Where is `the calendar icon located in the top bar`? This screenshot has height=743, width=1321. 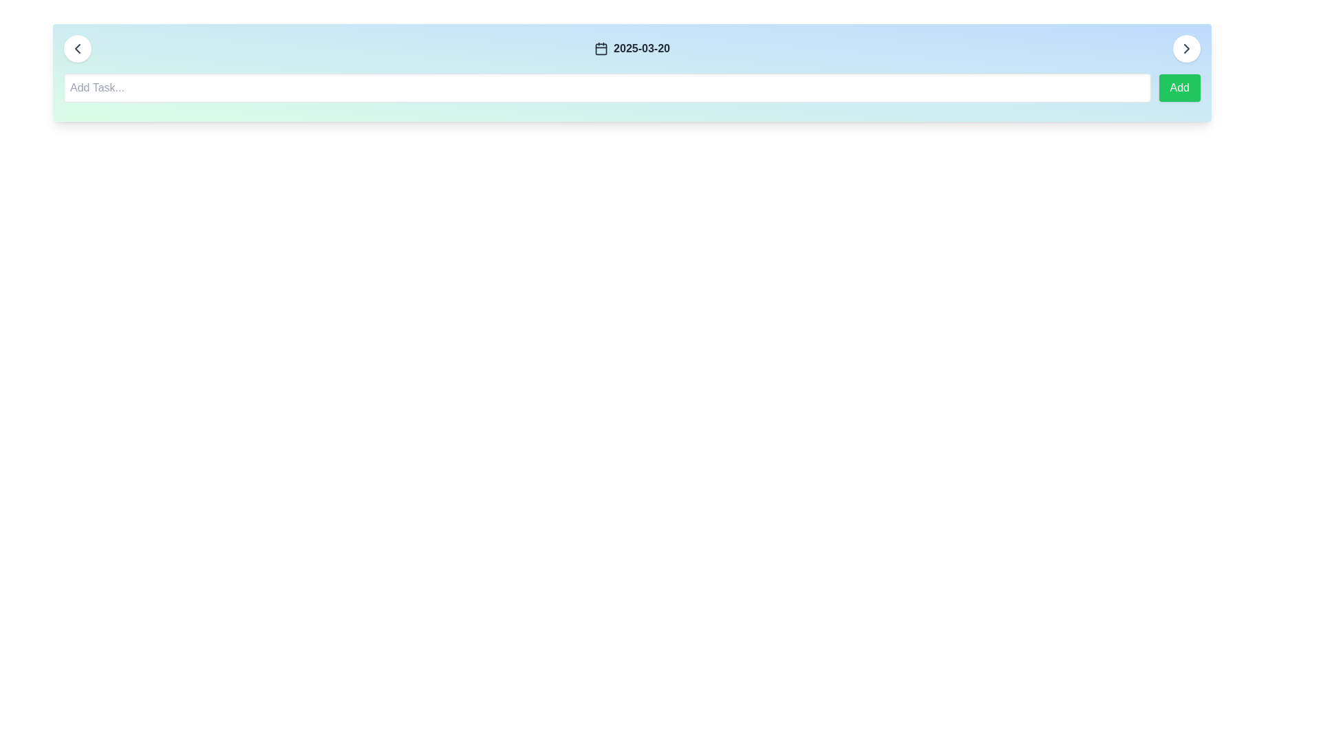 the calendar icon located in the top bar is located at coordinates (601, 47).